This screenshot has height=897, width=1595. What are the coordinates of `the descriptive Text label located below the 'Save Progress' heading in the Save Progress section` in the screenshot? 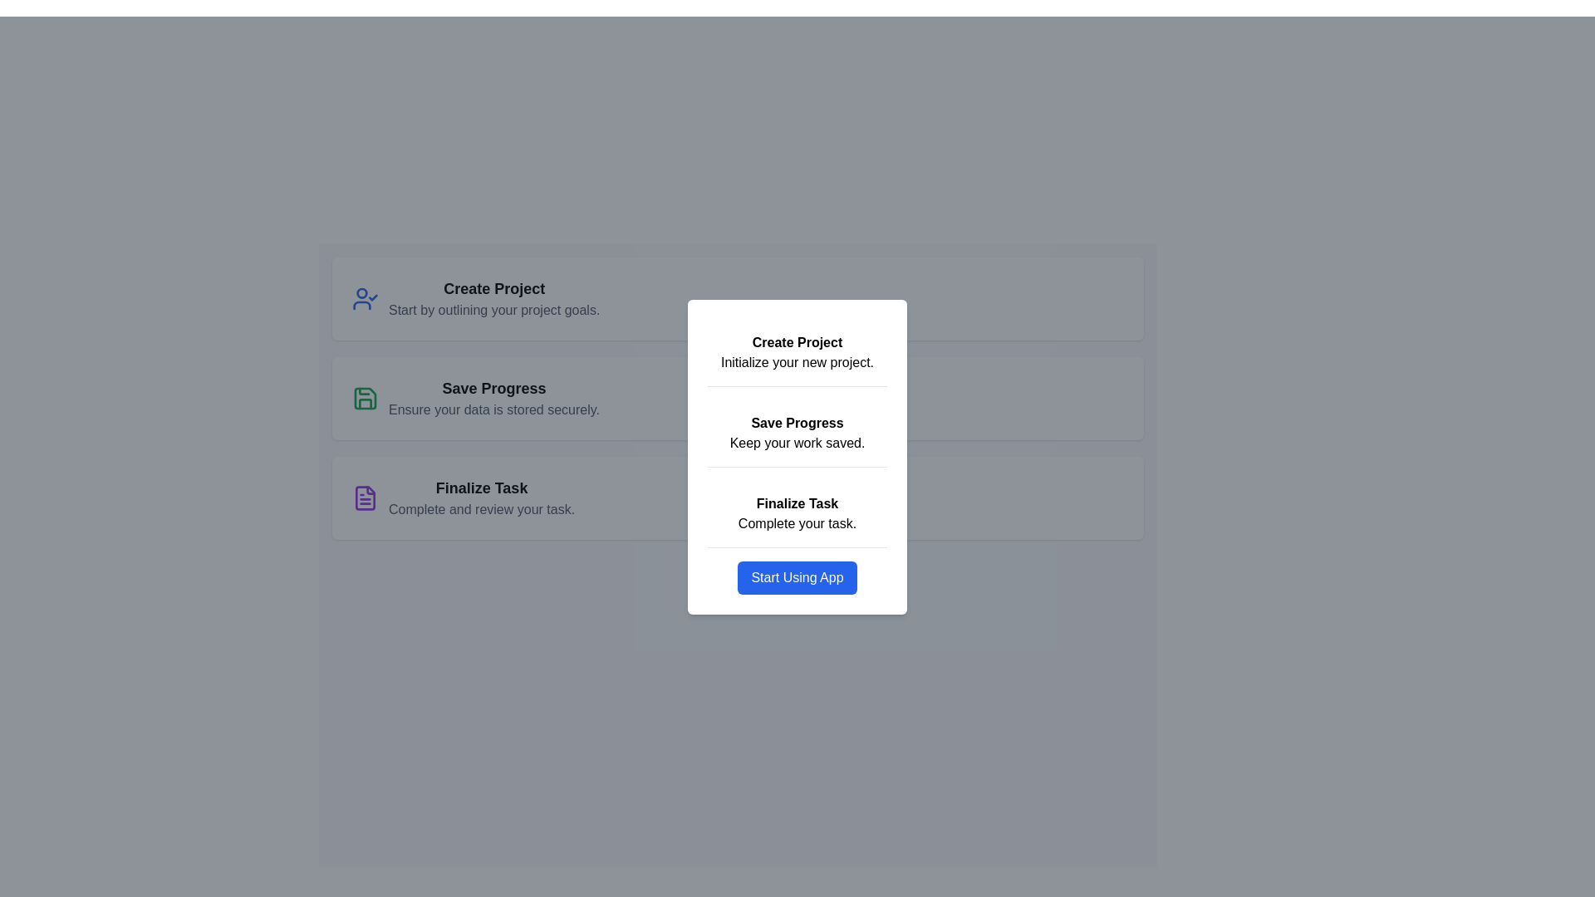 It's located at (797, 441).